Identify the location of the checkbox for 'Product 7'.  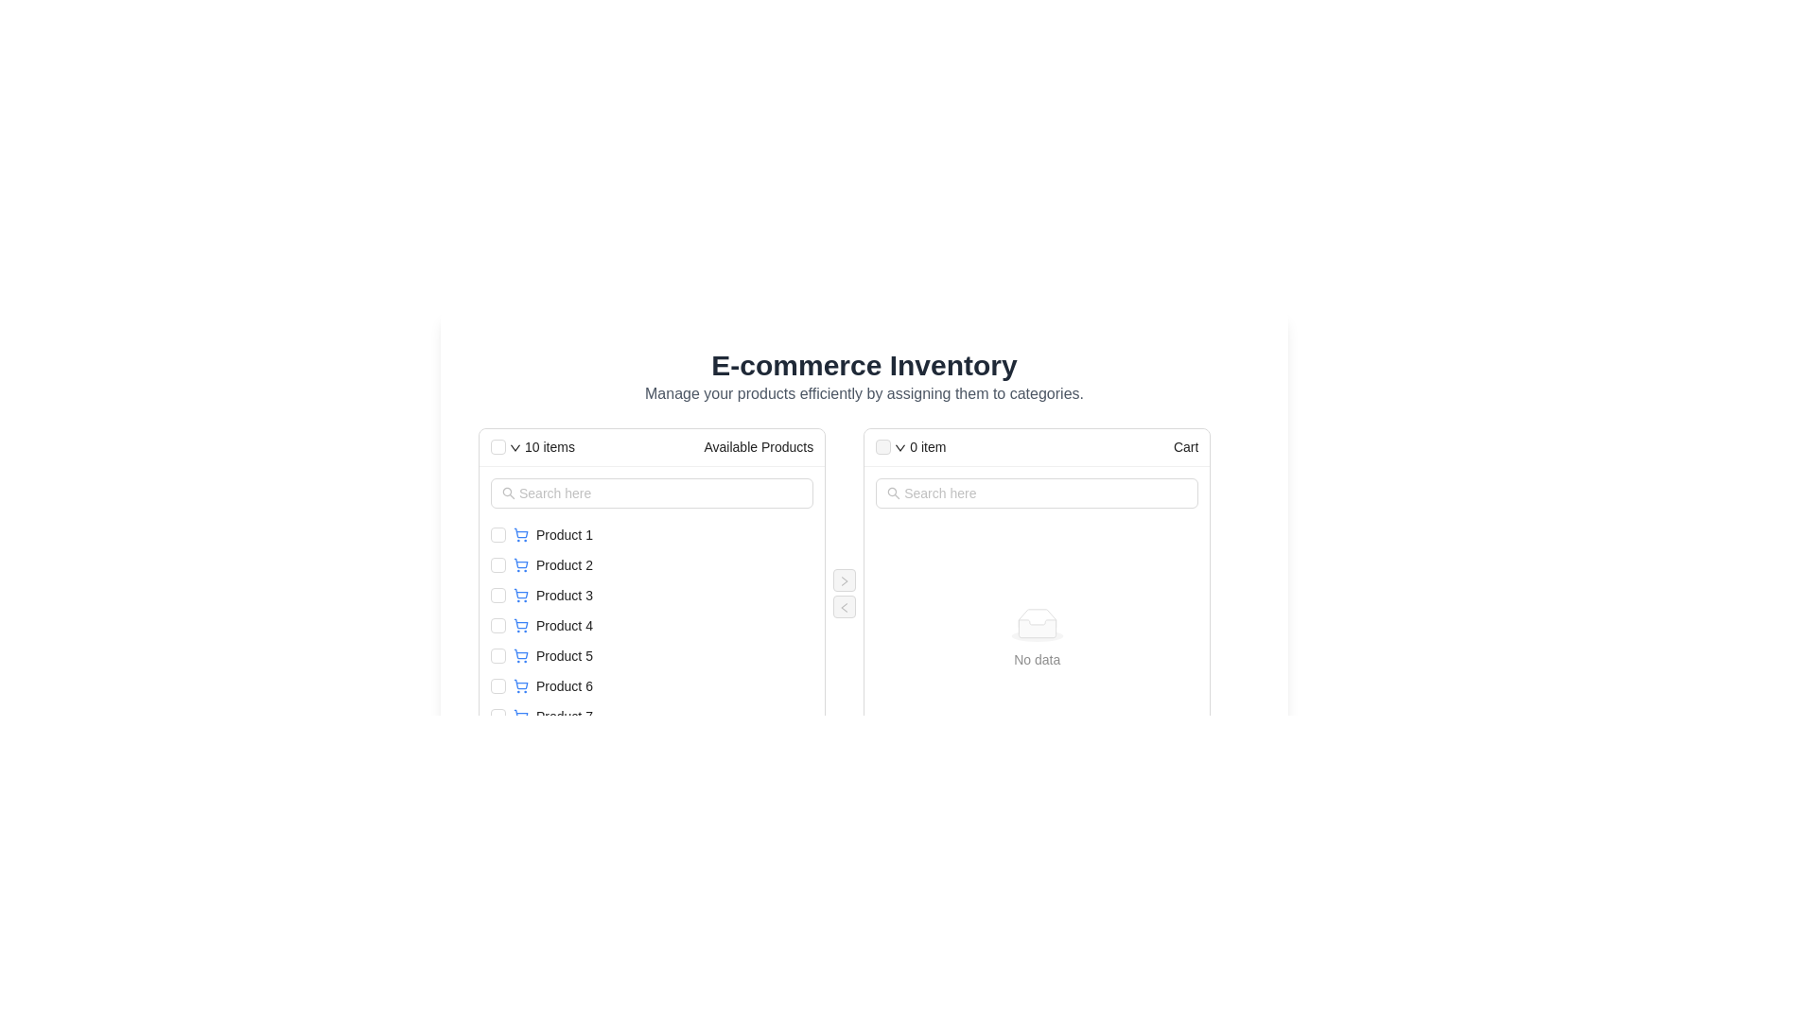
(498, 717).